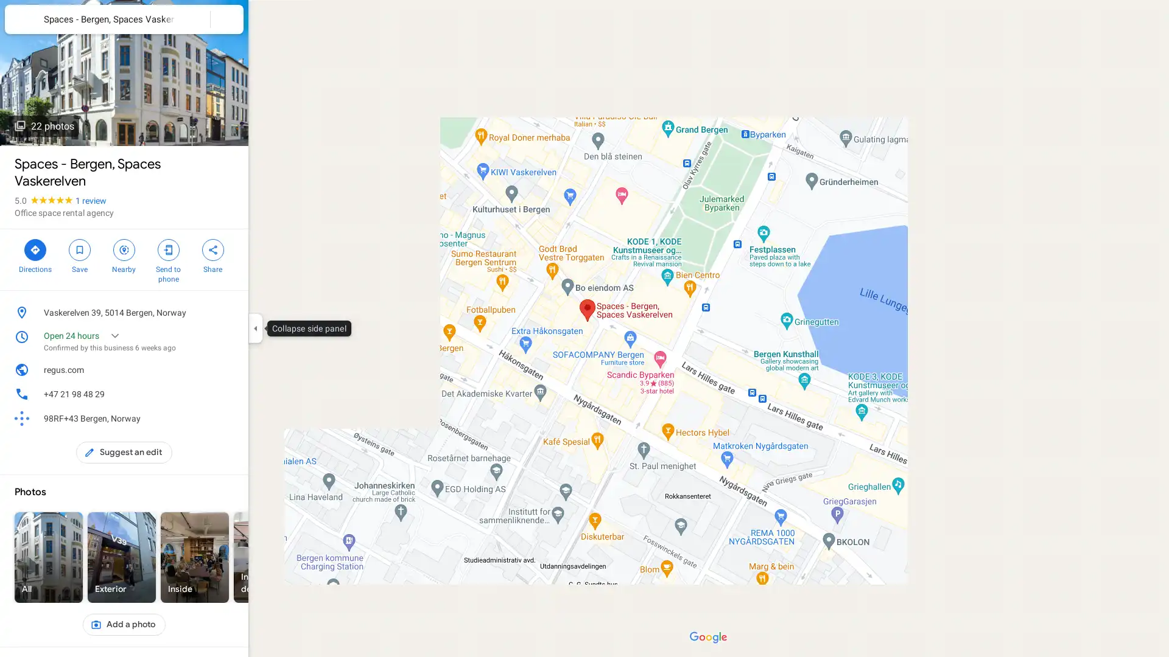 The width and height of the screenshot is (1169, 657). I want to click on Street View & 360, so click(414, 557).